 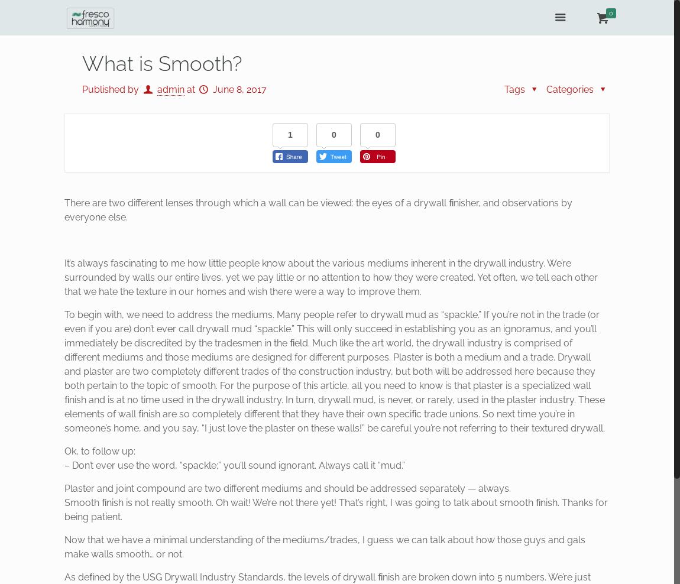 What do you see at coordinates (571, 89) in the screenshot?
I see `'Categories'` at bounding box center [571, 89].